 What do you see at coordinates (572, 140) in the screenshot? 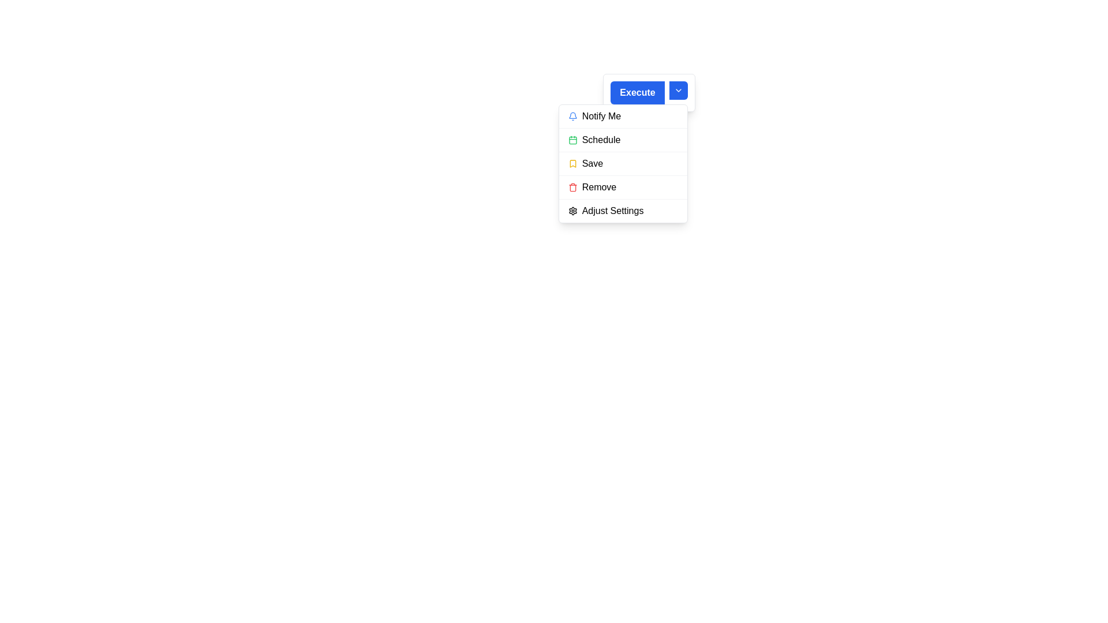
I see `the calendar icon with a green outline located within the 'Schedule' menu option, positioned between 'Notify Me' and 'Save'` at bounding box center [572, 140].